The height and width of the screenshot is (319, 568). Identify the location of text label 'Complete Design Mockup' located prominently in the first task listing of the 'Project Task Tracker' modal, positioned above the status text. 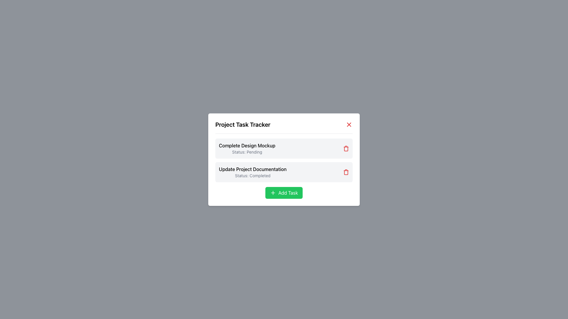
(247, 145).